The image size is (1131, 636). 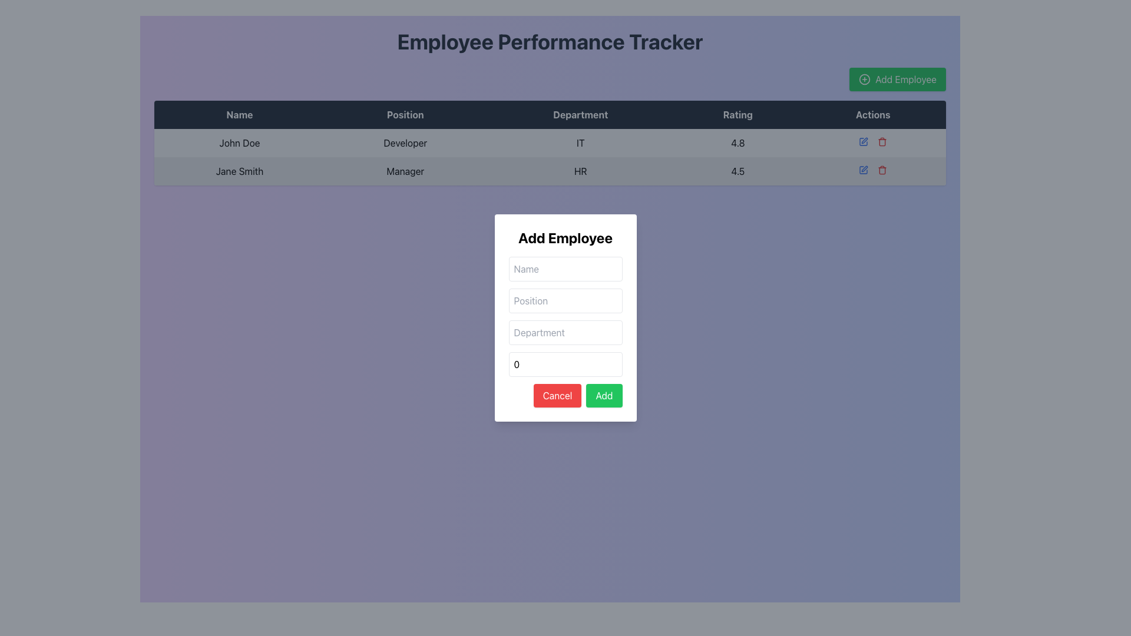 What do you see at coordinates (405, 115) in the screenshot?
I see `the column header labeled 'Position' which is the second header in the row, located between 'Name' and 'Department'` at bounding box center [405, 115].